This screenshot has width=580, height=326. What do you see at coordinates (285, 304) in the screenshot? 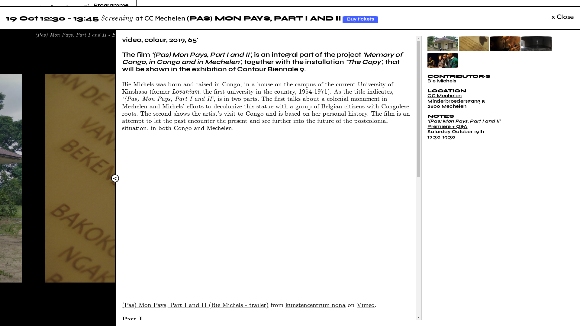
I see `'kunstencentrum nona'` at bounding box center [285, 304].